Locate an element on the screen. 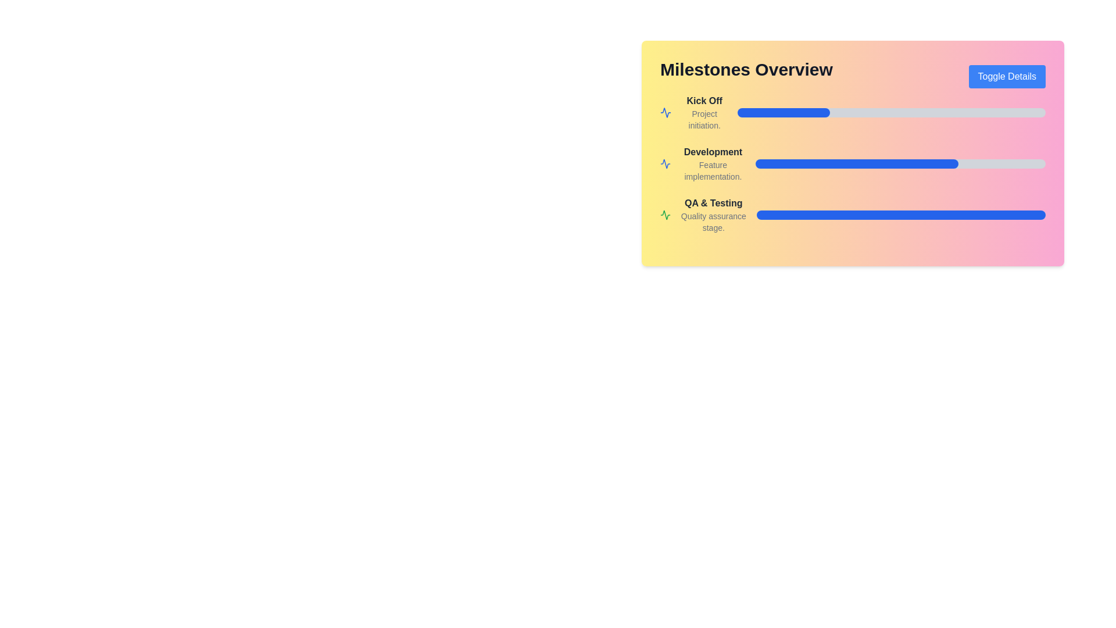 This screenshot has height=628, width=1116. the progress value of the third progress bar representing the 'QA & Testing' milestone in the 'Milestones Overview' section is located at coordinates (900, 215).